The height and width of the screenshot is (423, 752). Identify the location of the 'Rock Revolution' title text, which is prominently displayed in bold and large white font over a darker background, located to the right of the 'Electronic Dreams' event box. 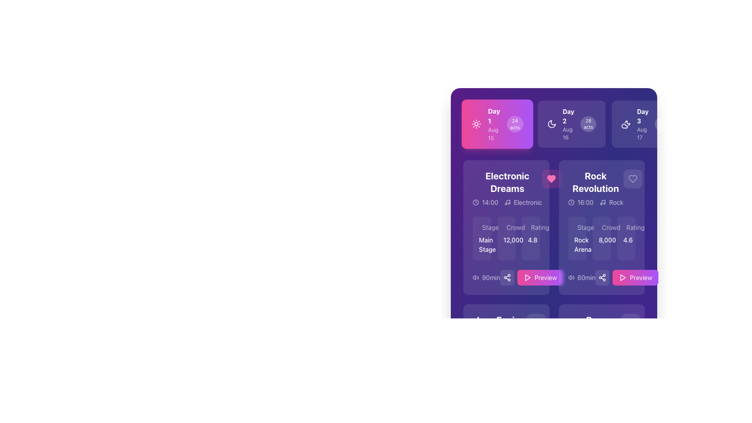
(595, 182).